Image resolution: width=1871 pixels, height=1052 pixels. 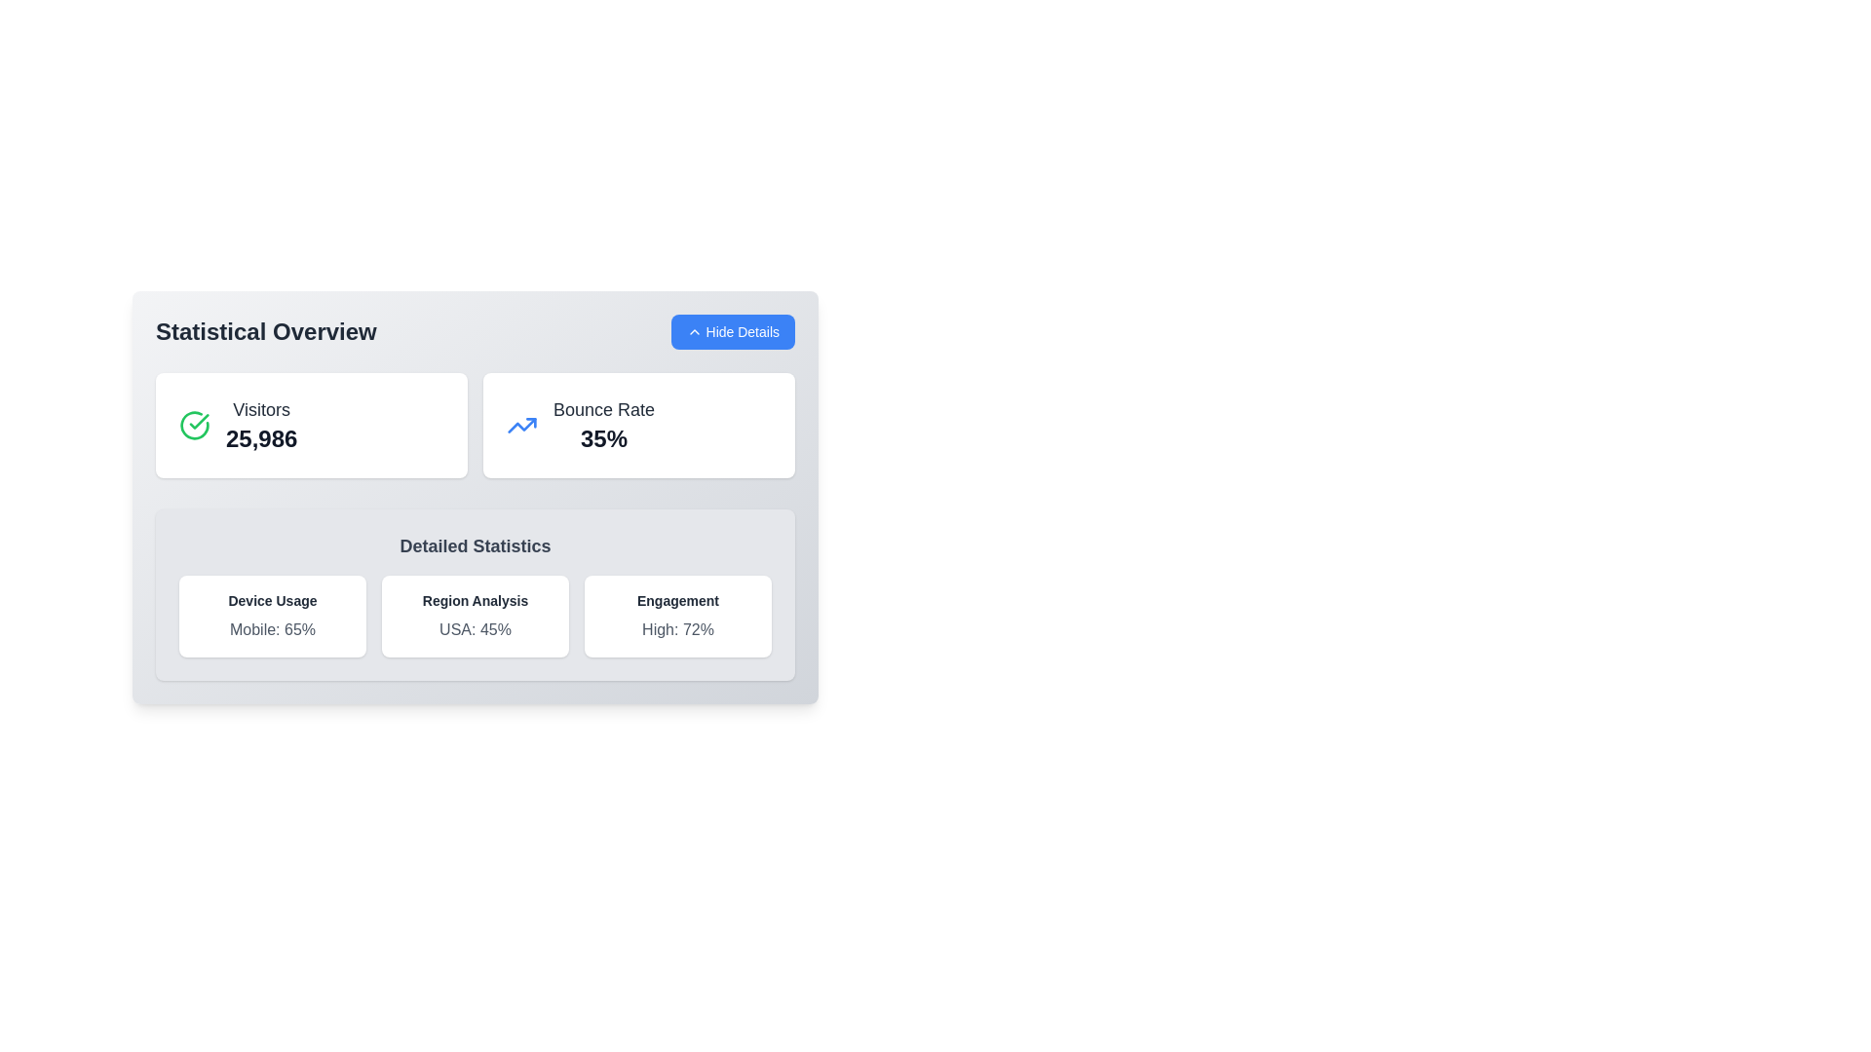 I want to click on the blue line graph icon trending upwards located to the left of the 'Bounce Rate' text within the card labeled 'Bounce Rate 35%', so click(x=522, y=424).